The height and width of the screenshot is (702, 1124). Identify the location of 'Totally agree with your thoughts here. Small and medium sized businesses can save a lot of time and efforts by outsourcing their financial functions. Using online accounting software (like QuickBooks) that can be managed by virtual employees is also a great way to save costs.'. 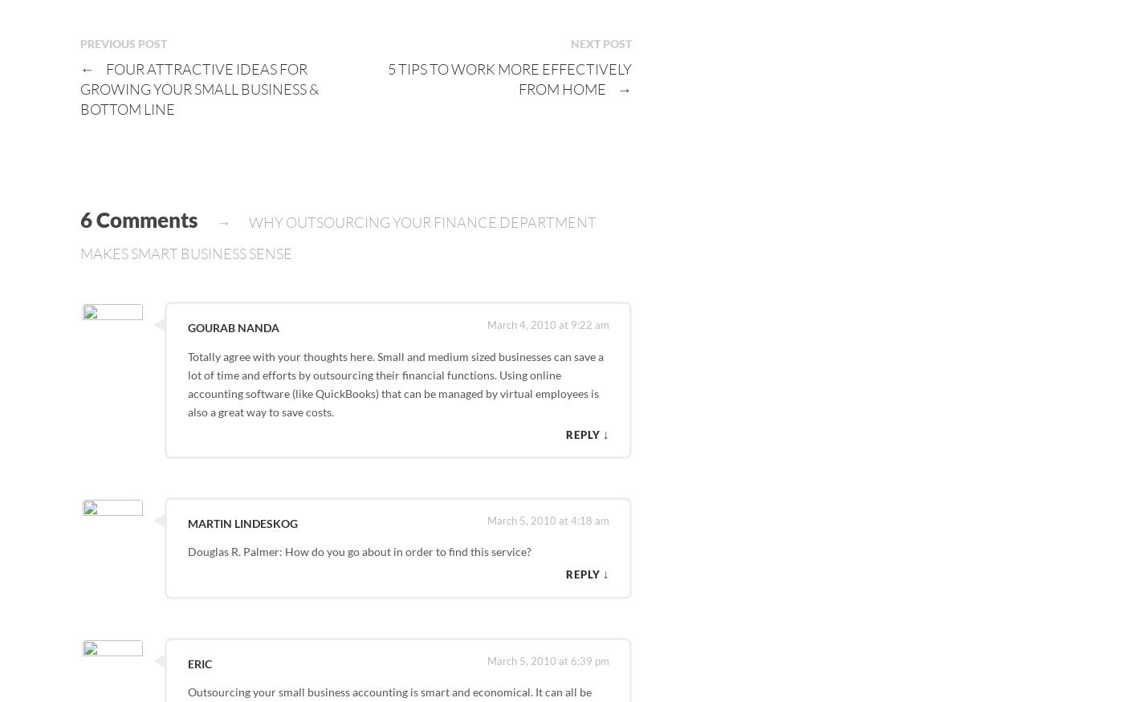
(394, 383).